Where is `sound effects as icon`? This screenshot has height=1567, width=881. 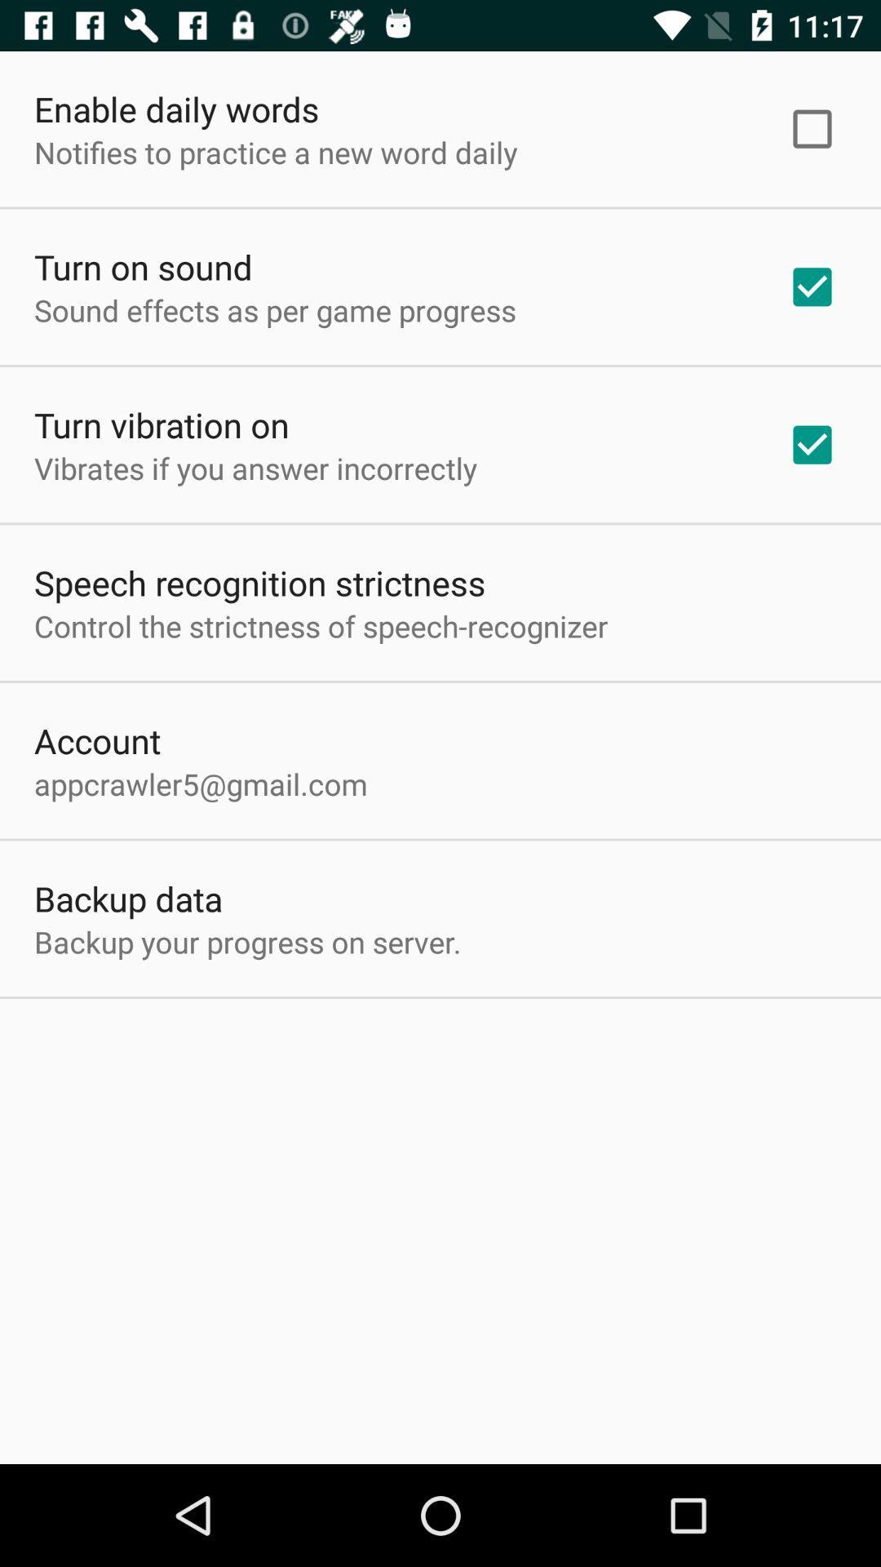
sound effects as icon is located at coordinates (274, 310).